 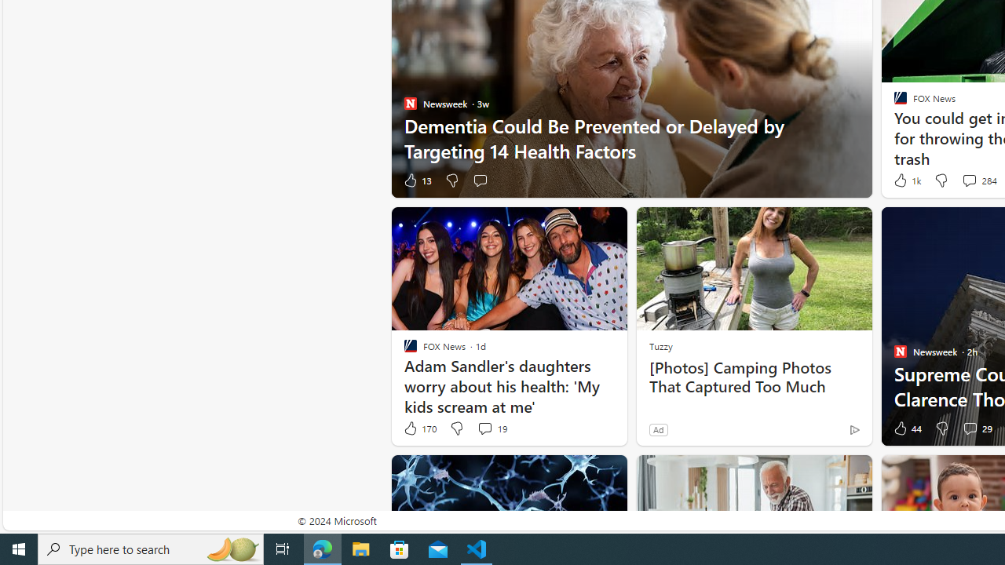 What do you see at coordinates (660, 345) in the screenshot?
I see `'Tuzzy'` at bounding box center [660, 345].